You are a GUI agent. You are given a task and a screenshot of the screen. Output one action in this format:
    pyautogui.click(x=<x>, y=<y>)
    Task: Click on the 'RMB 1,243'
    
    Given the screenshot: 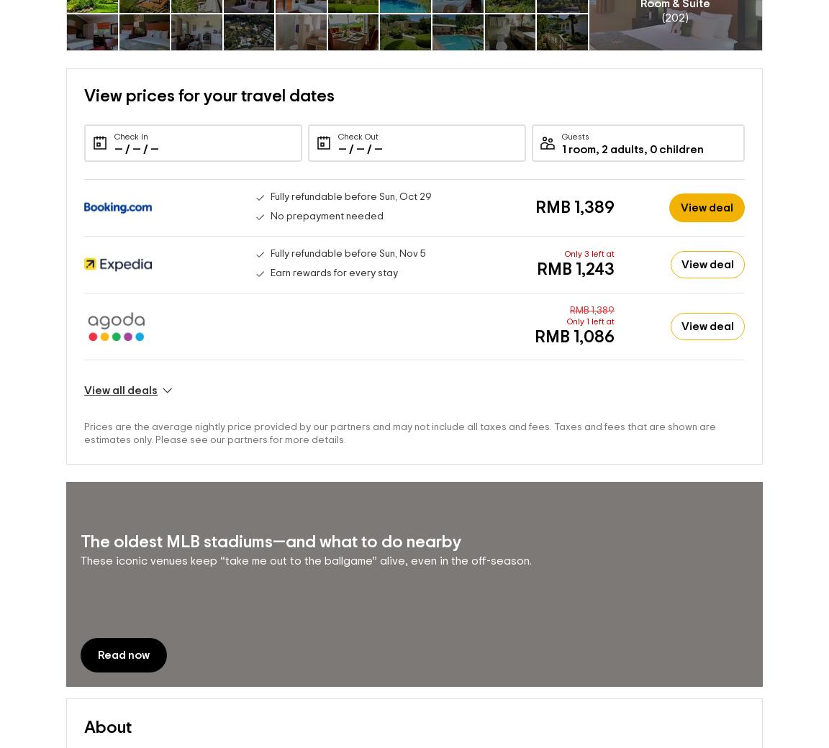 What is the action you would take?
    pyautogui.click(x=575, y=268)
    